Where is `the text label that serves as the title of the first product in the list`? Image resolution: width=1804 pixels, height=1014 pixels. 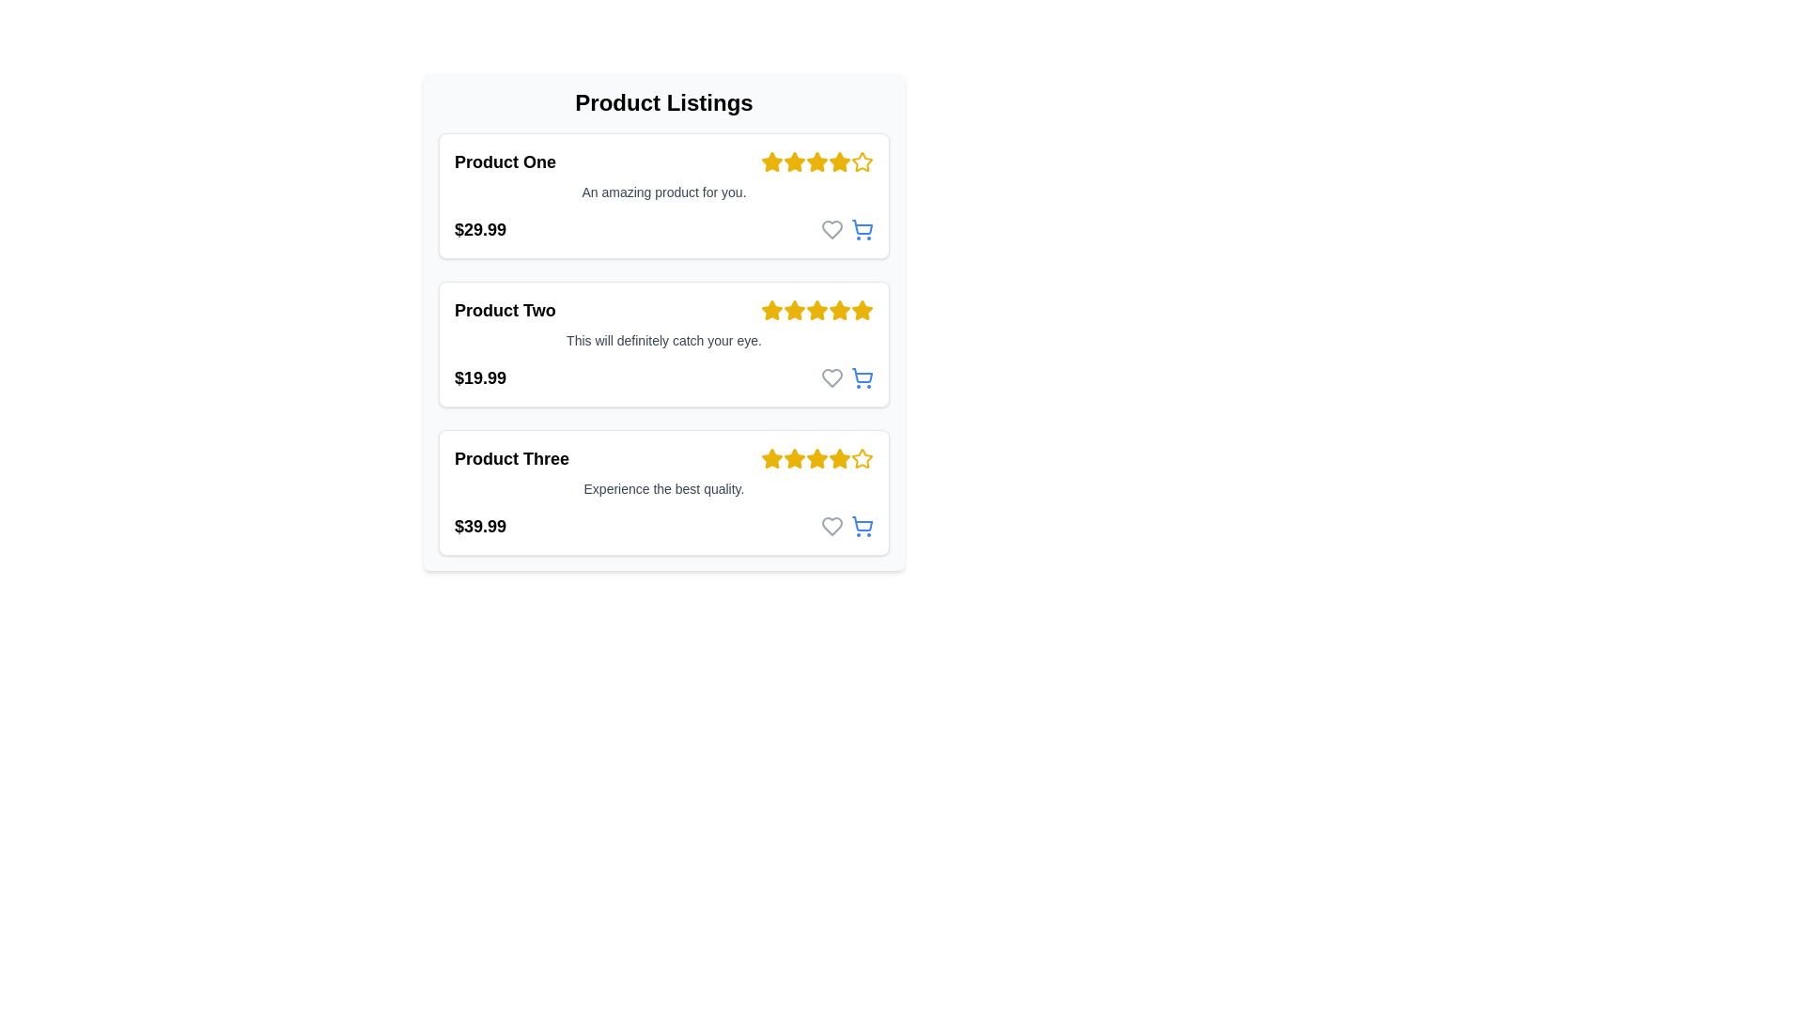
the text label that serves as the title of the first product in the list is located at coordinates (505, 161).